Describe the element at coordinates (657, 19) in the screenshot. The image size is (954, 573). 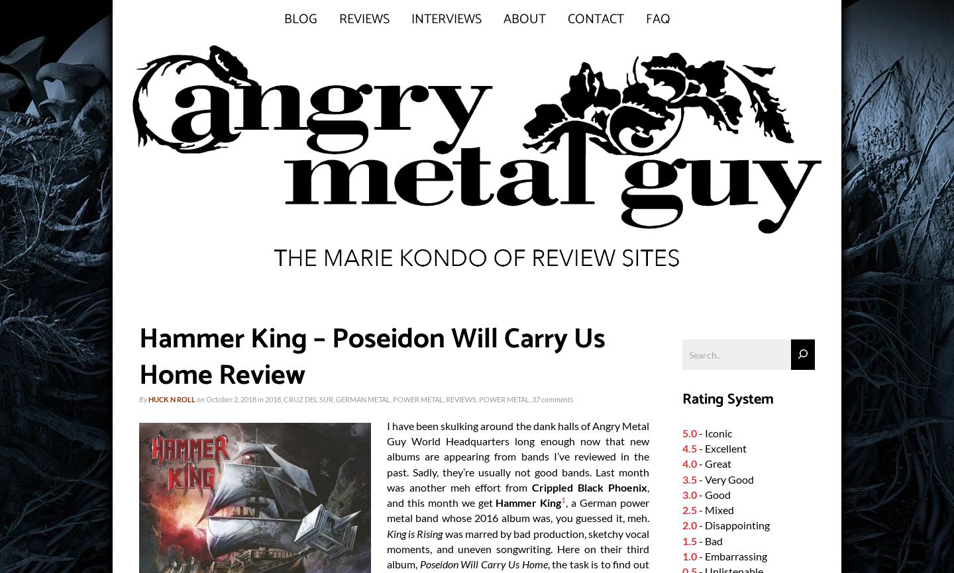
I see `'FAQ'` at that location.